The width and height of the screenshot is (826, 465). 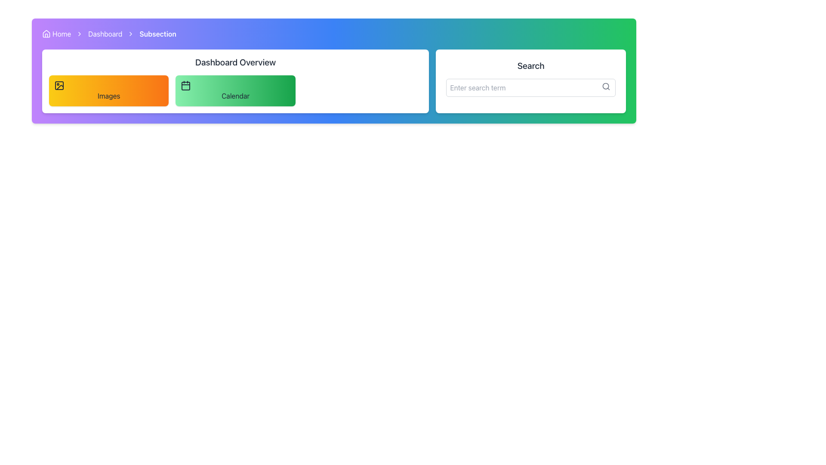 What do you see at coordinates (185, 86) in the screenshot?
I see `the rectangular shape with slightly rounded corners that is part of the calendar icon within the green 'Calendar' button located under the 'Dashboard Overview' section` at bounding box center [185, 86].